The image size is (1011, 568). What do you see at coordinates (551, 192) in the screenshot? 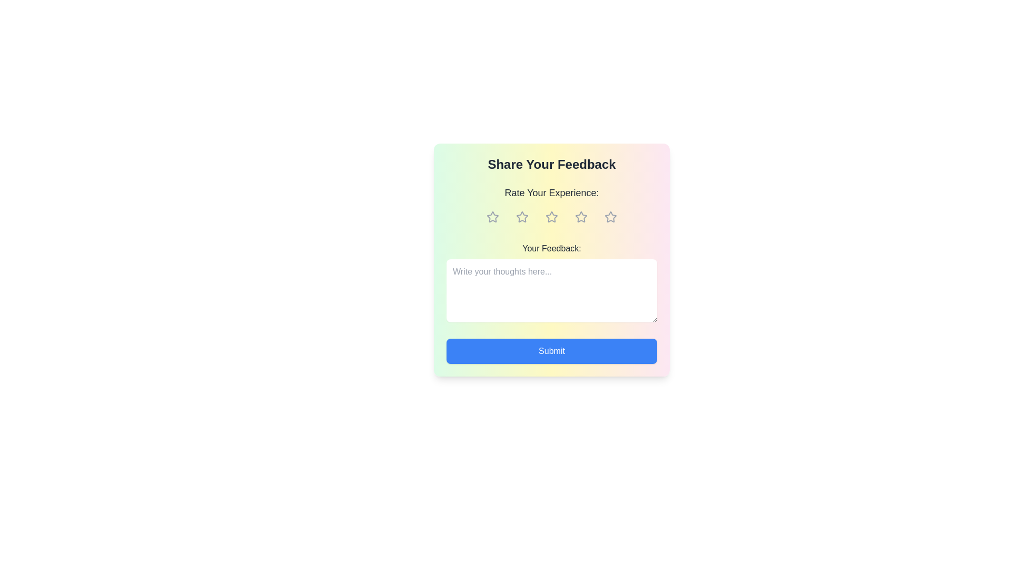
I see `the text label that reads 'Rate Your Experience:', which is centered above the row of star icons in the interactive feedback card component` at bounding box center [551, 192].